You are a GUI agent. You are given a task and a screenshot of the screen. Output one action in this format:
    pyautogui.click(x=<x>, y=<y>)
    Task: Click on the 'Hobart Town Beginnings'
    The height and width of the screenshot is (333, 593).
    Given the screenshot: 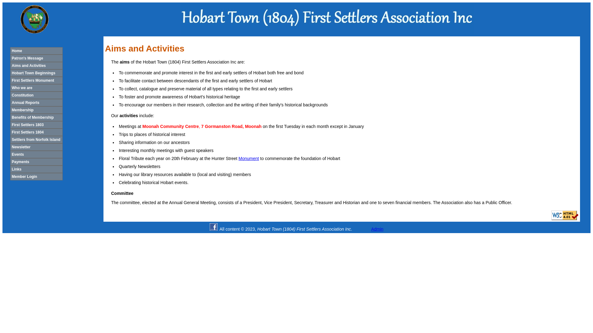 What is the action you would take?
    pyautogui.click(x=36, y=72)
    